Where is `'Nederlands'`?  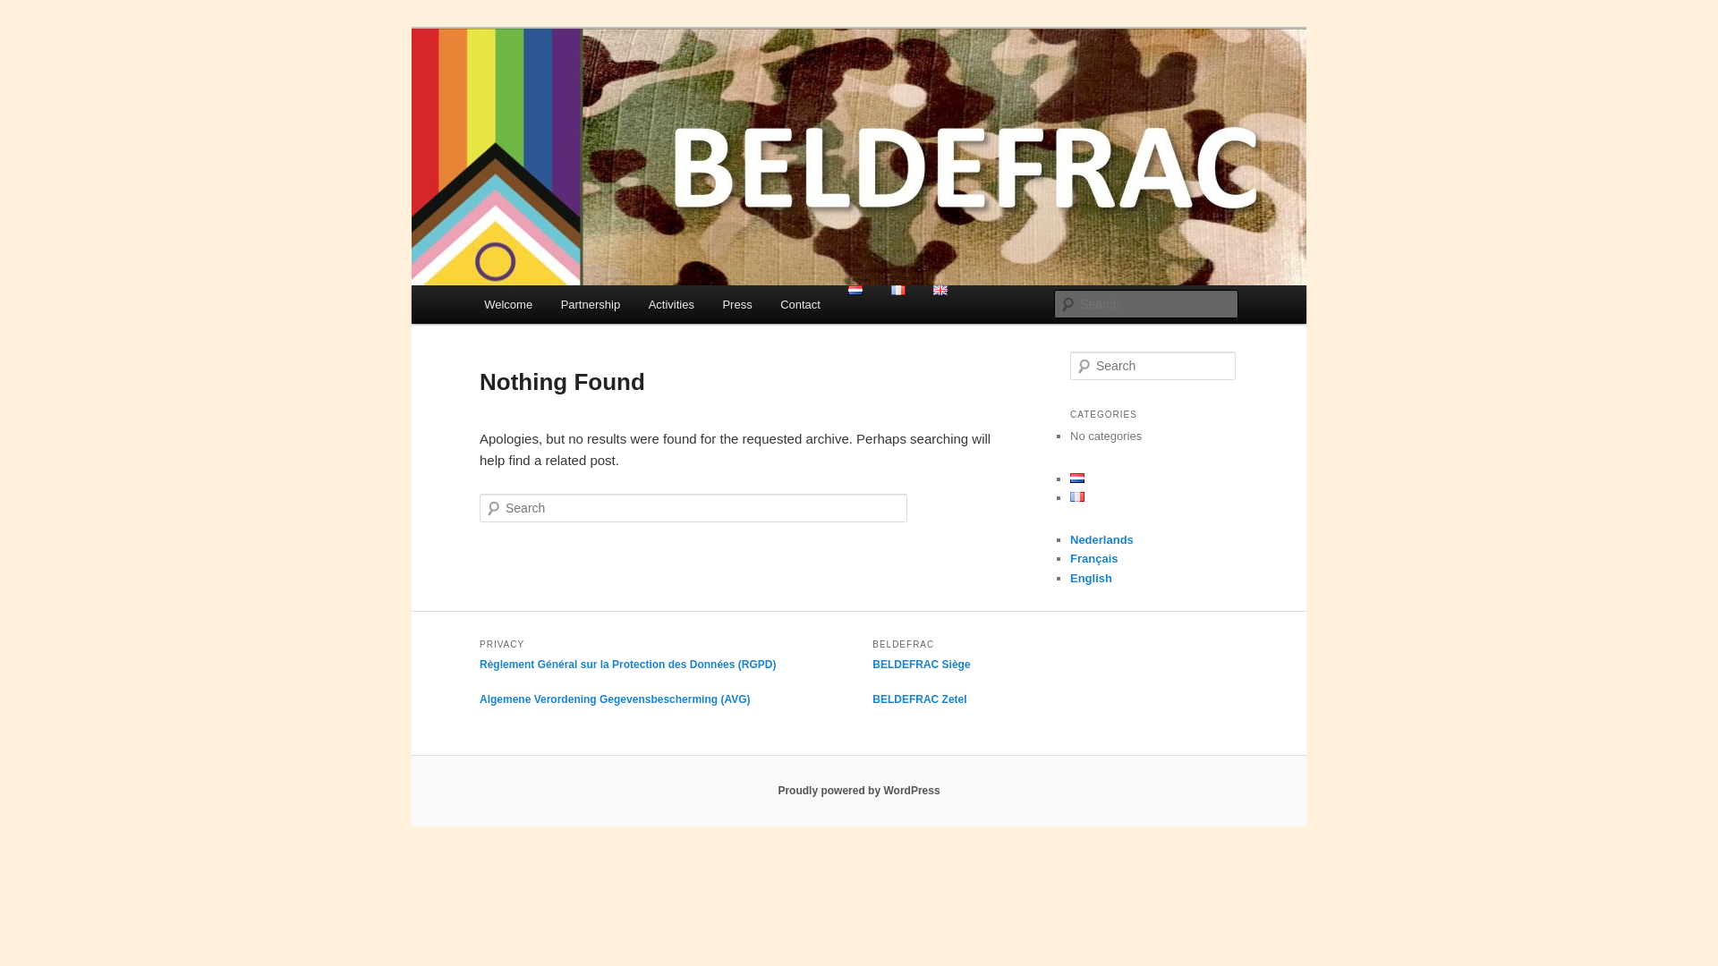 'Nederlands' is located at coordinates (1101, 538).